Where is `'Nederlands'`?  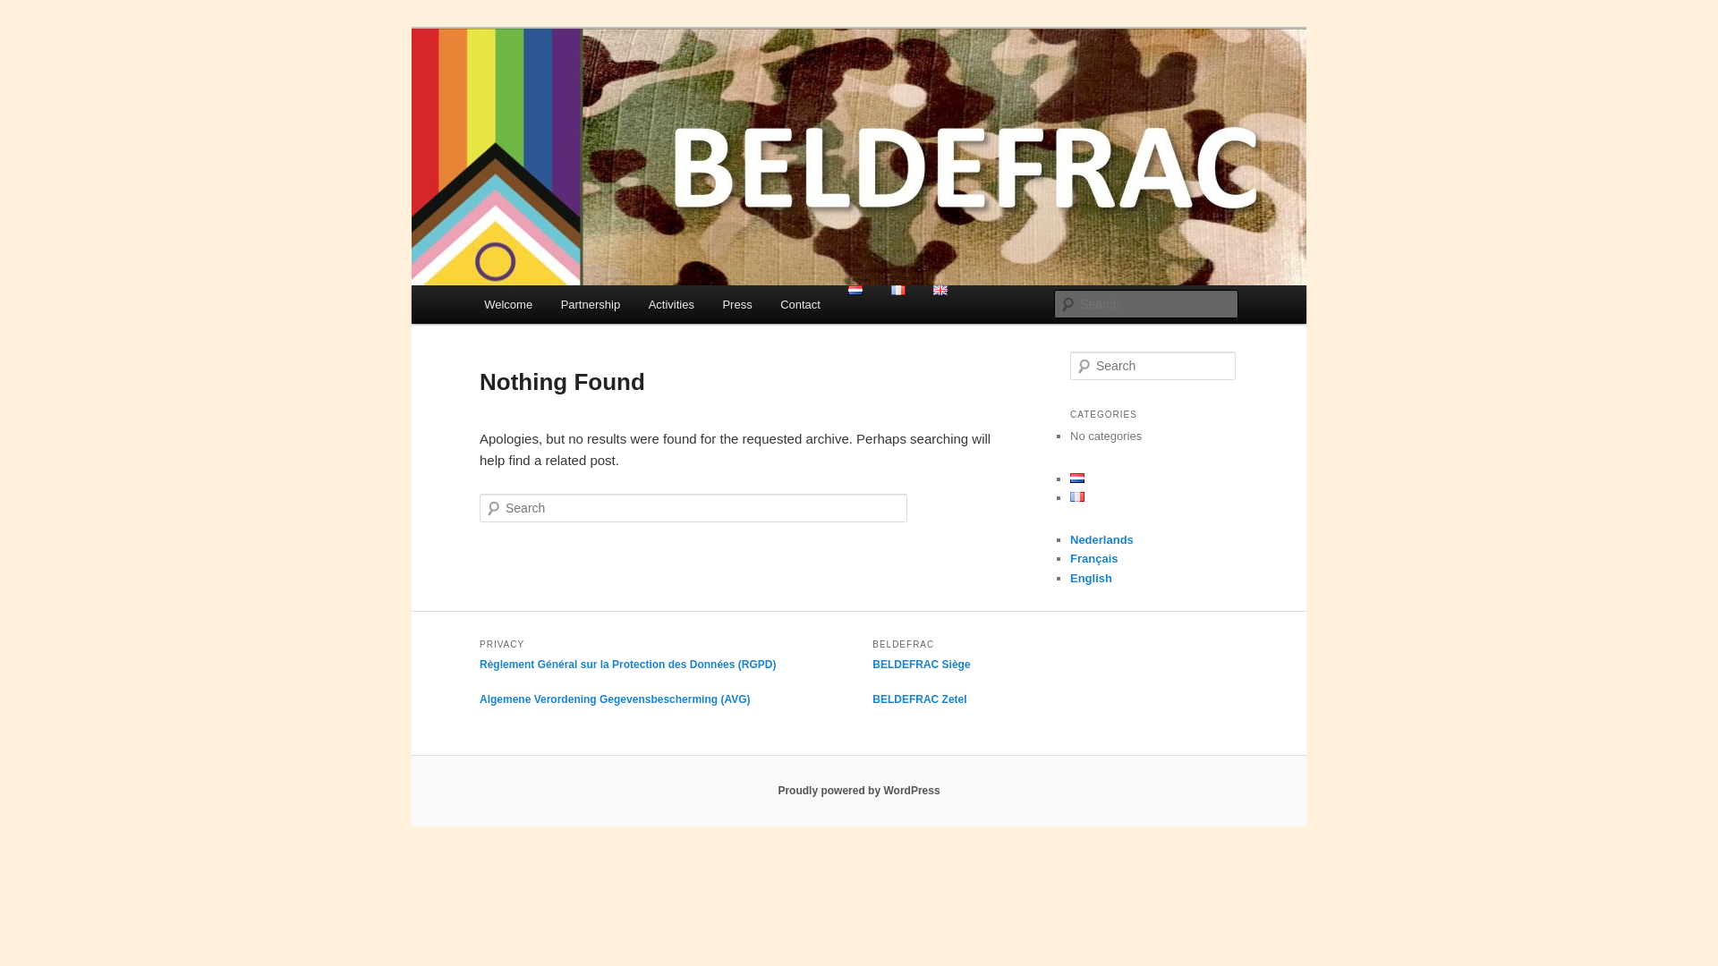 'Nederlands' is located at coordinates (1101, 538).